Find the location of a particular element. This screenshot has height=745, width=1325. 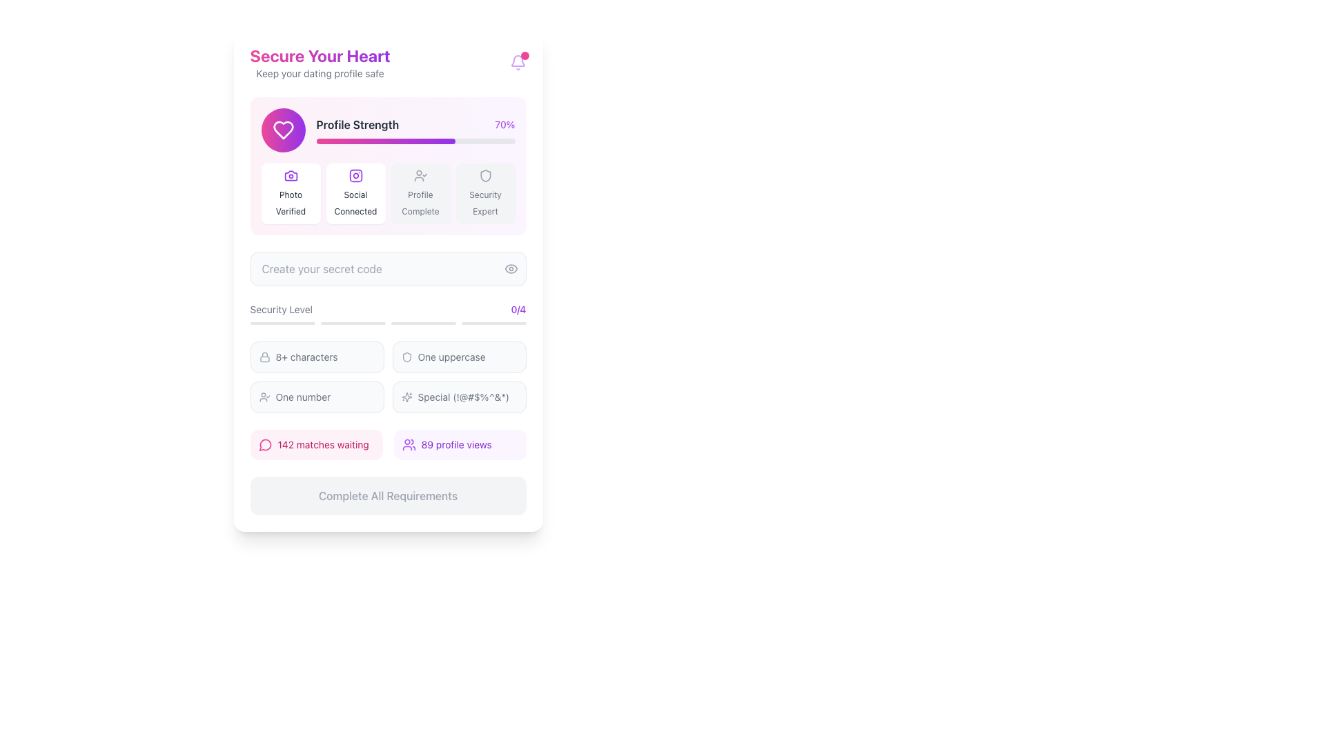

the gray shield icon that is part of the 'Security Expert' section, located in the rightmost position of the profile strength features row is located at coordinates (485, 175).